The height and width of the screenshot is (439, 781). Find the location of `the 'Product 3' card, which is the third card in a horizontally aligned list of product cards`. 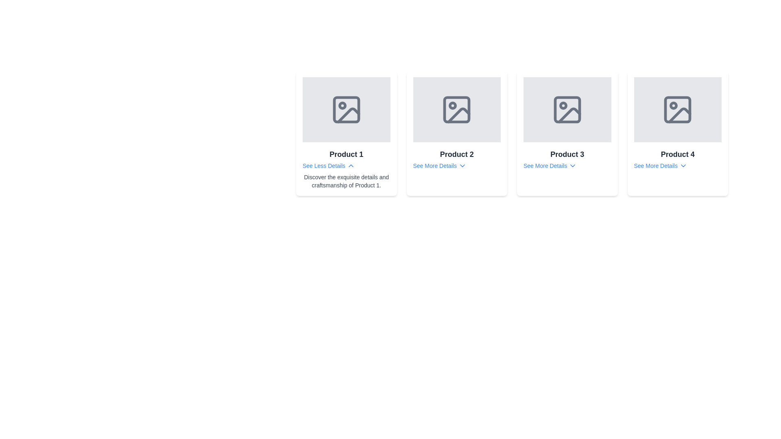

the 'Product 3' card, which is the third card in a horizontally aligned list of product cards is located at coordinates (567, 133).